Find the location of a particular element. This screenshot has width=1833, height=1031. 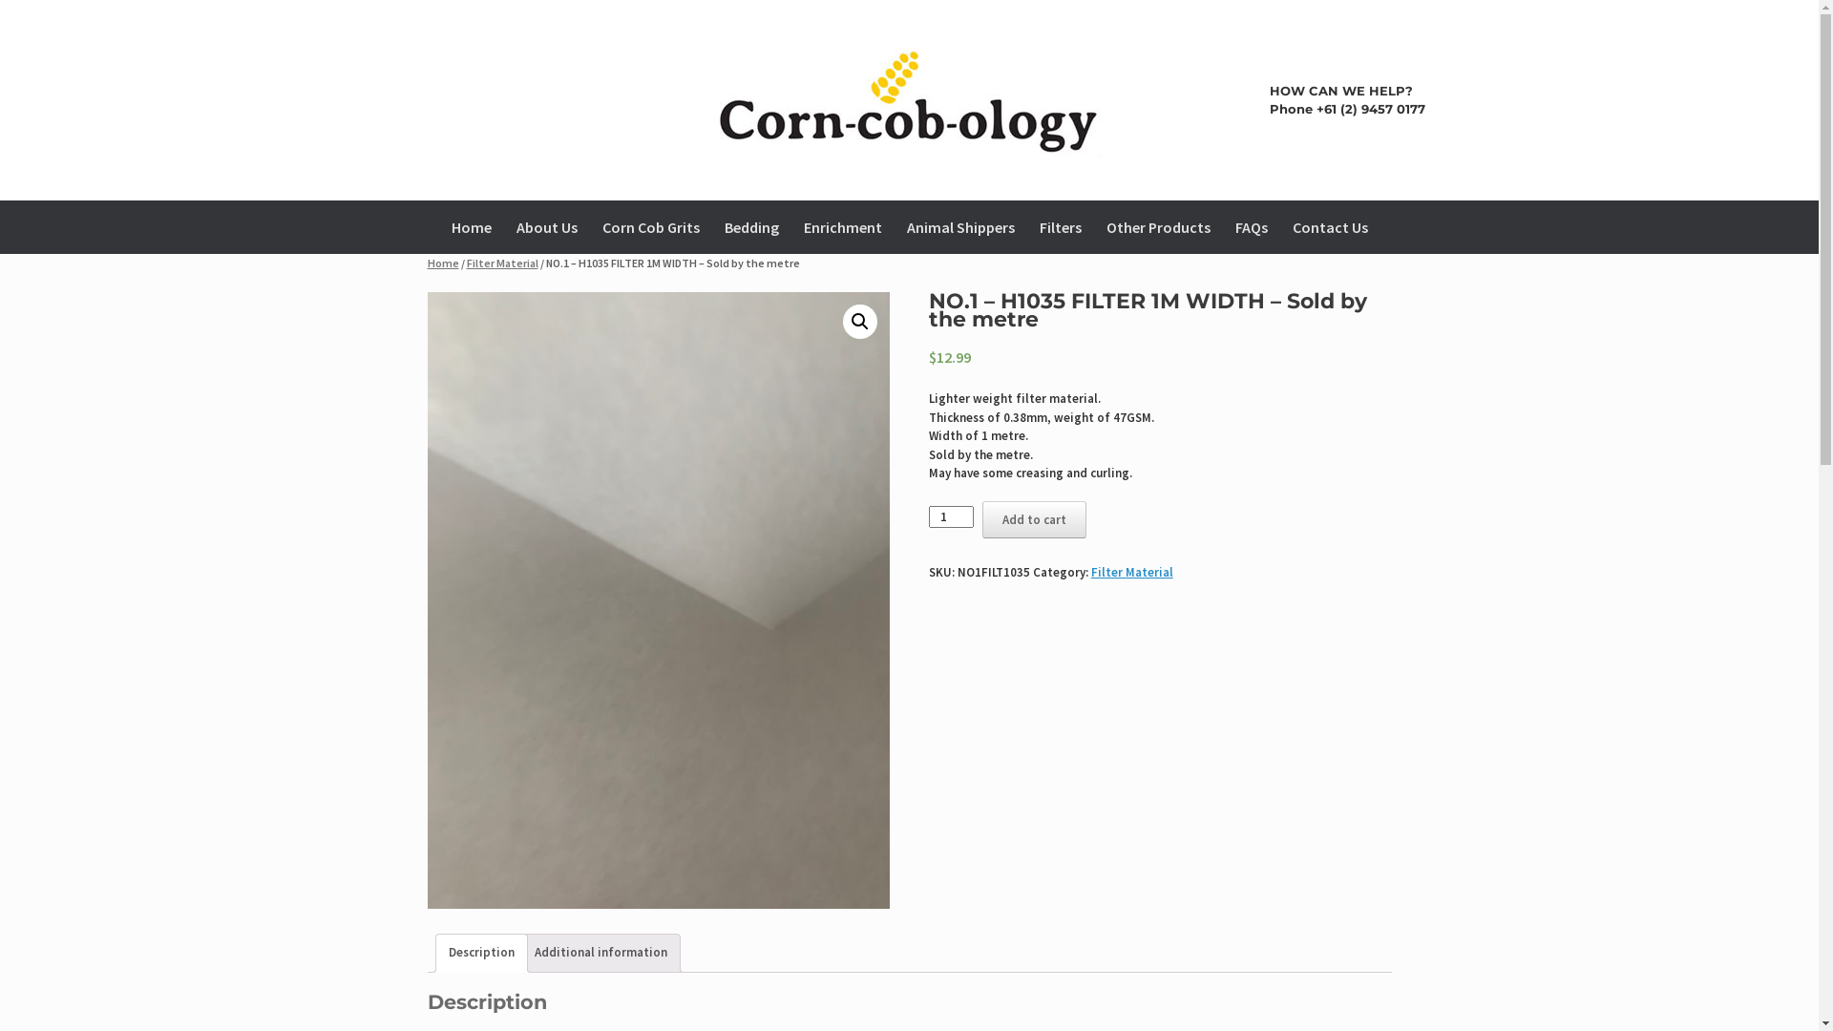

'Animal Shippers' is located at coordinates (959, 226).